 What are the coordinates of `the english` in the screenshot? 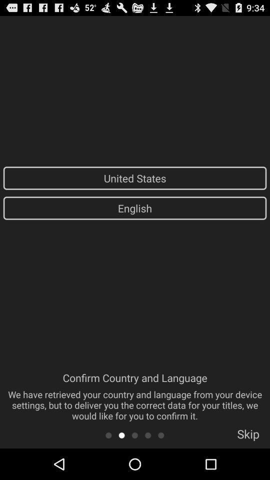 It's located at (135, 207).